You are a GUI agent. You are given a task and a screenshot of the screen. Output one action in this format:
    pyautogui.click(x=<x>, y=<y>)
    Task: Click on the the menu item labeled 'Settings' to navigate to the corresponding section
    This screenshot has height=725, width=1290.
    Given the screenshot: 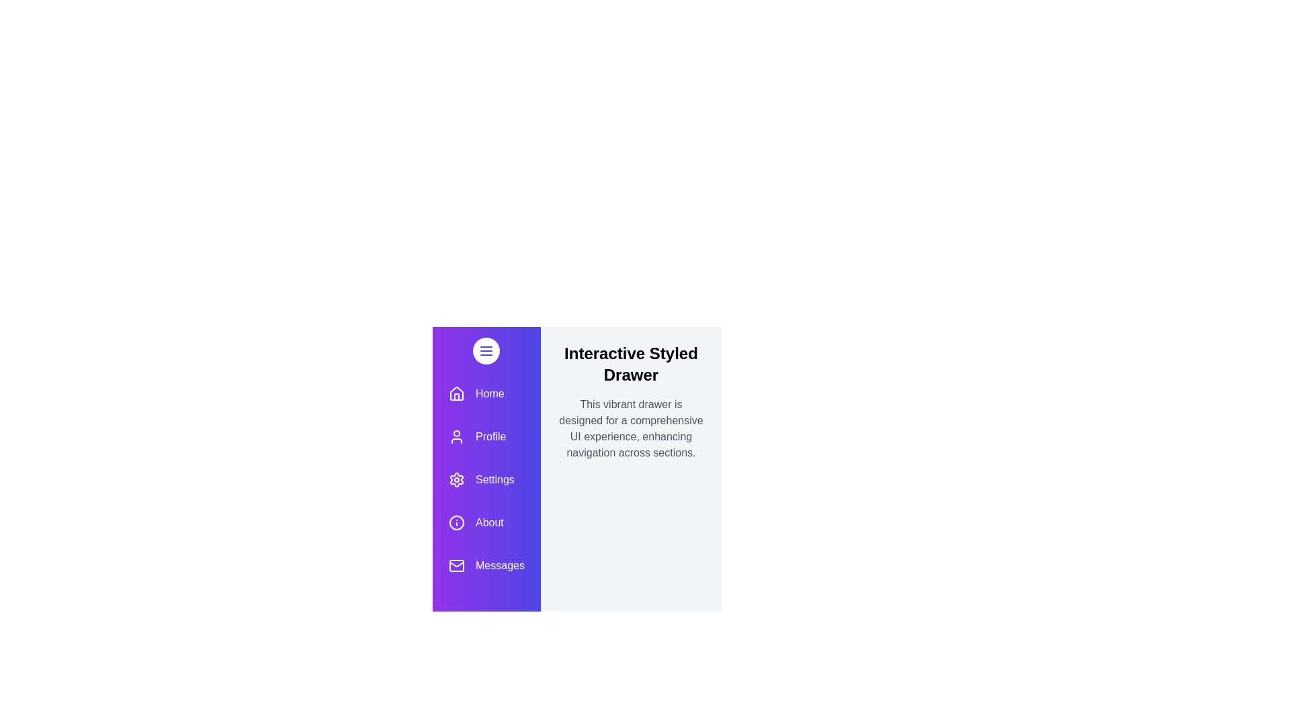 What is the action you would take?
    pyautogui.click(x=486, y=479)
    